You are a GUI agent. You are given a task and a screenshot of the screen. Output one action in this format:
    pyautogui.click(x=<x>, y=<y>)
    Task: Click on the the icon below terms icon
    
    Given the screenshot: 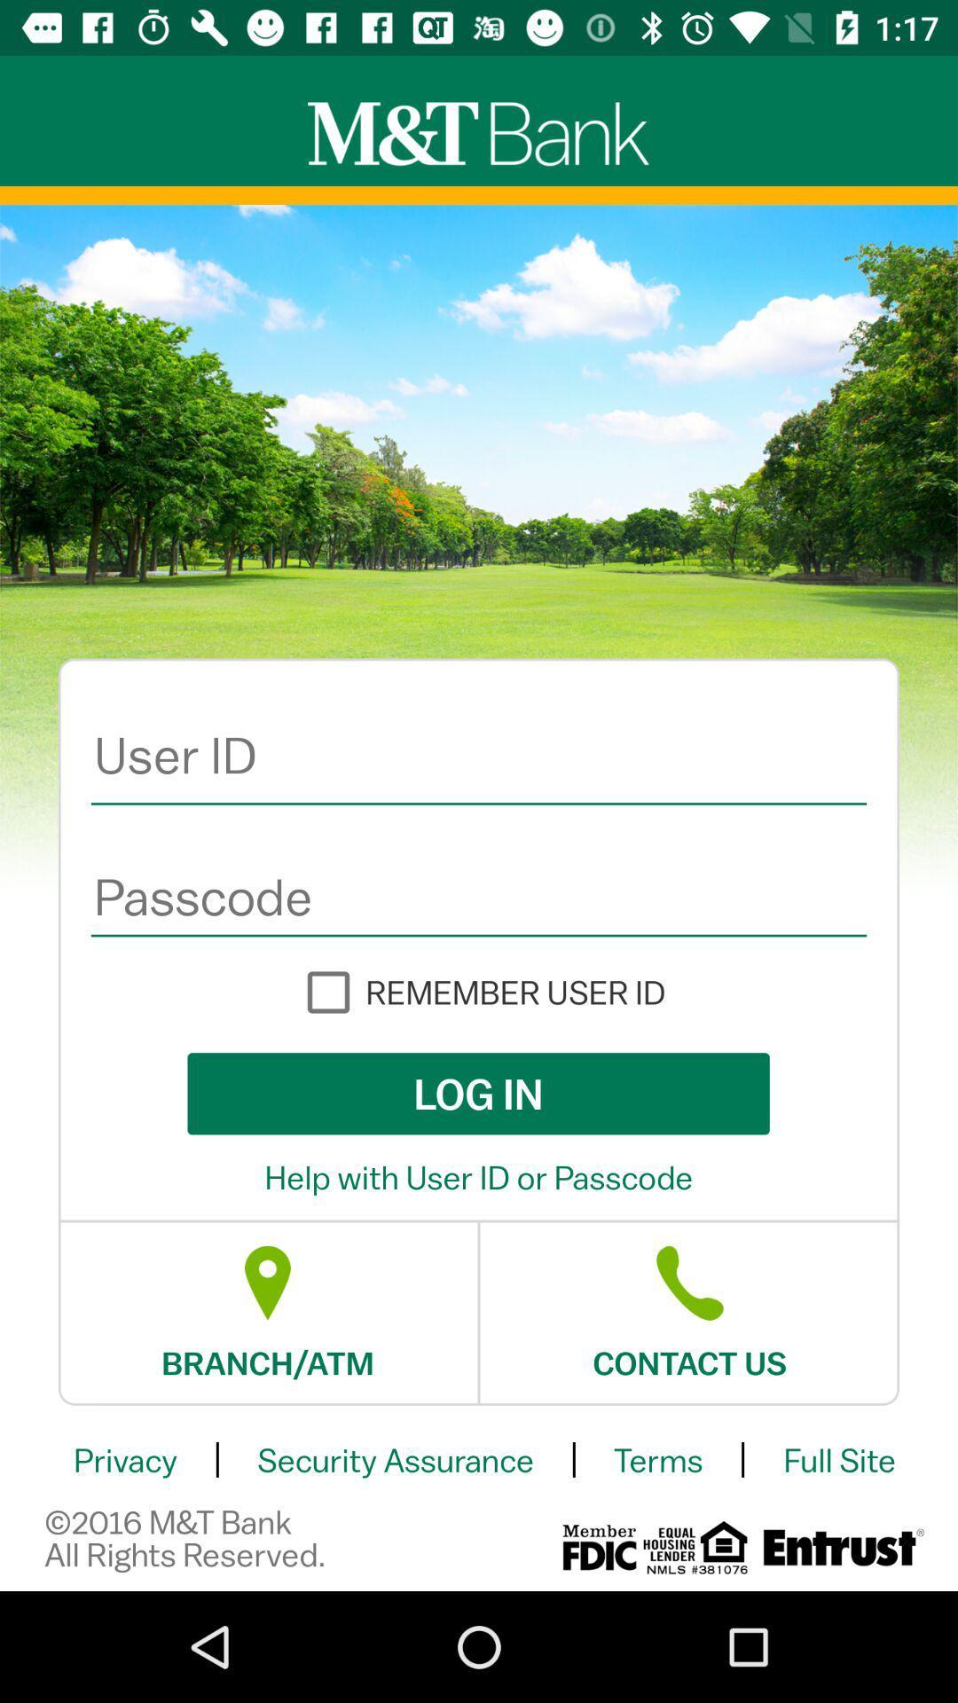 What is the action you would take?
    pyautogui.click(x=695, y=1546)
    